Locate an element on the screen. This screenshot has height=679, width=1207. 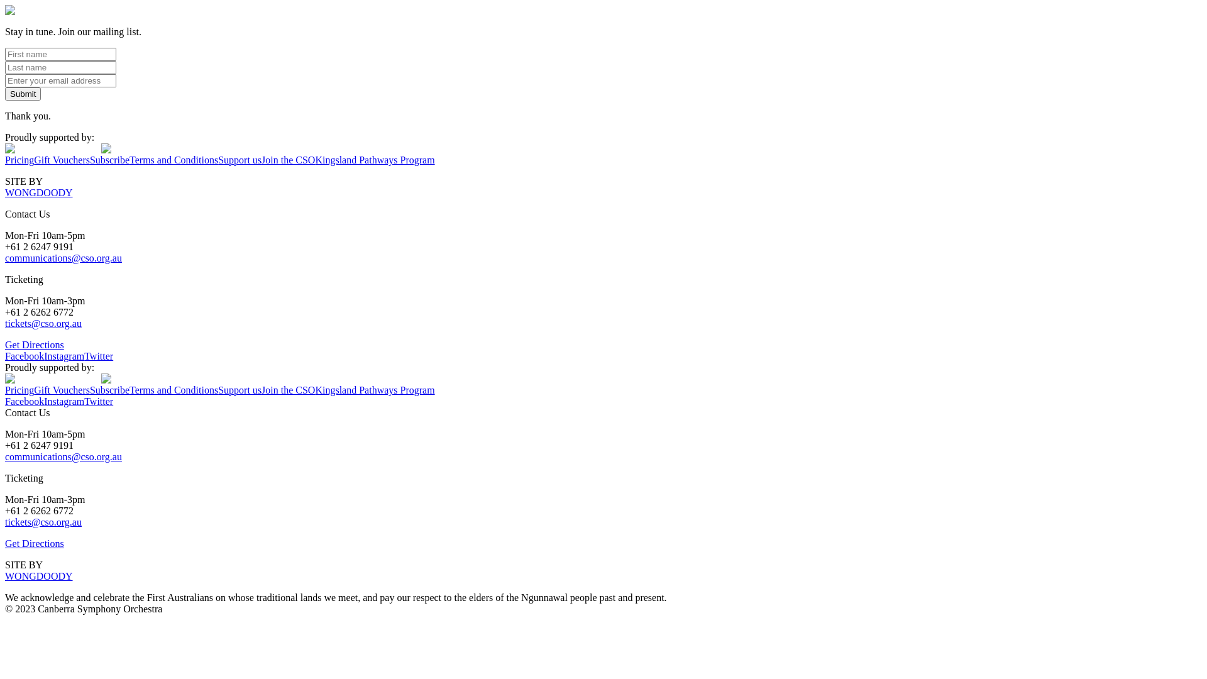
'Kingsland Pathways Program' is located at coordinates (373, 159).